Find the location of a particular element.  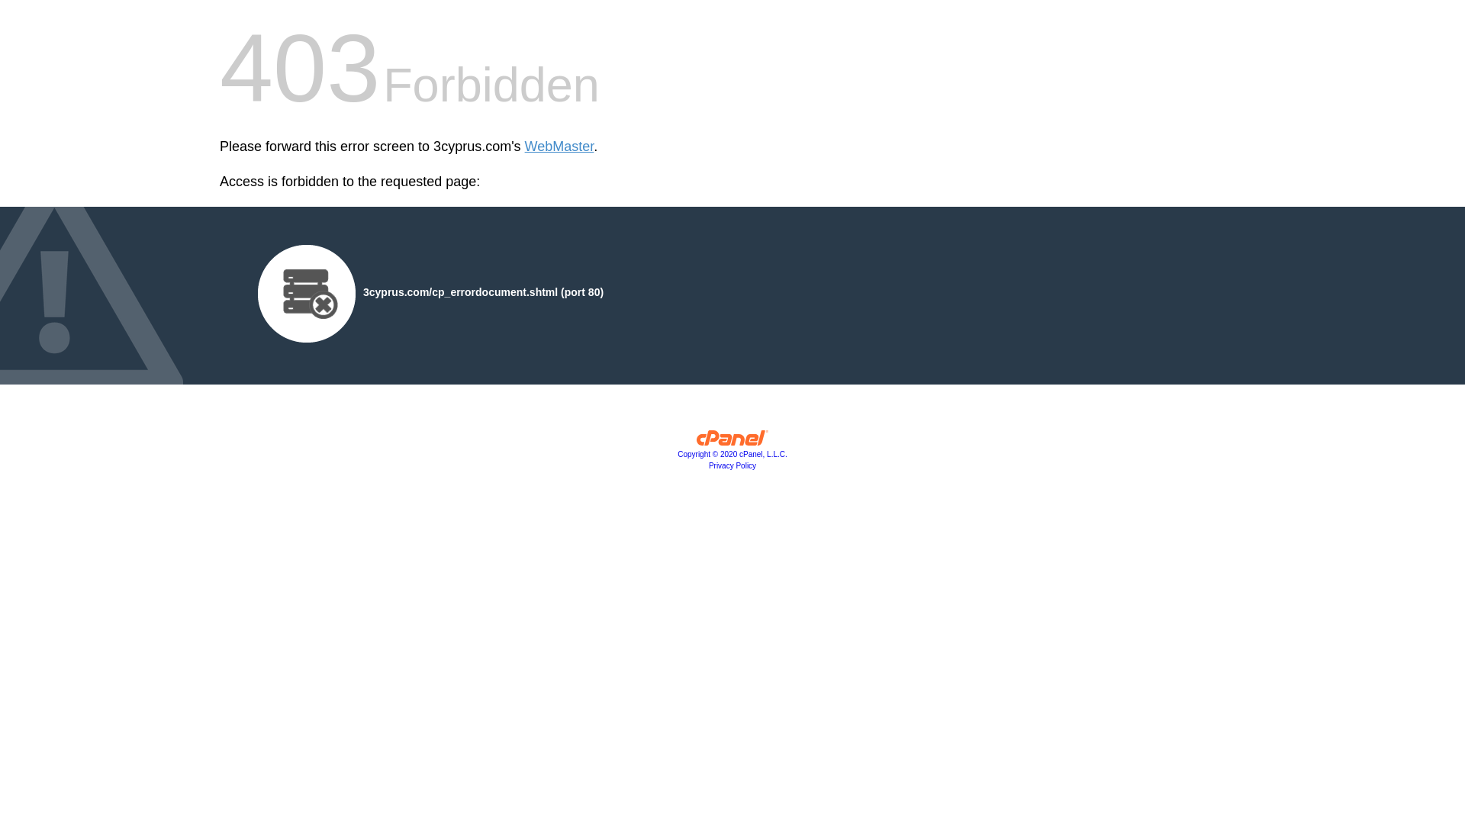

'cPanel, Inc.' is located at coordinates (732, 441).